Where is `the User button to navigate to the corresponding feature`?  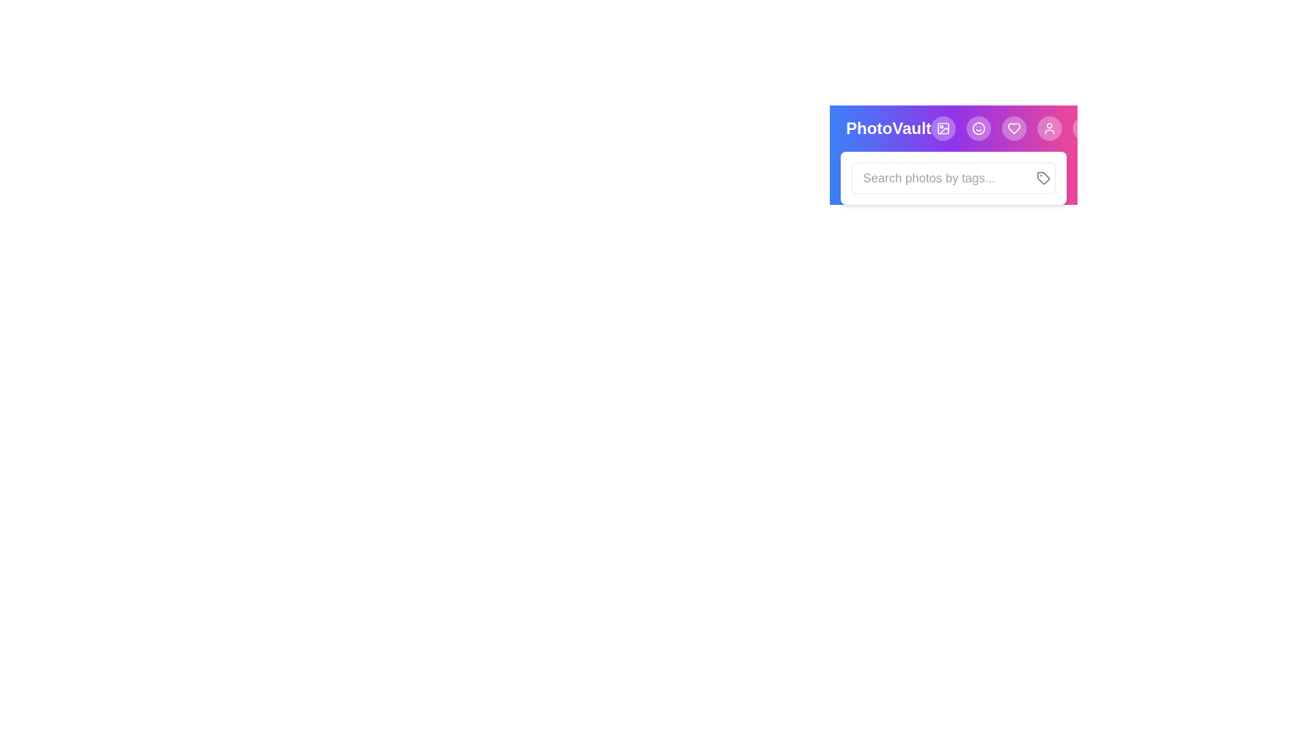 the User button to navigate to the corresponding feature is located at coordinates (1049, 129).